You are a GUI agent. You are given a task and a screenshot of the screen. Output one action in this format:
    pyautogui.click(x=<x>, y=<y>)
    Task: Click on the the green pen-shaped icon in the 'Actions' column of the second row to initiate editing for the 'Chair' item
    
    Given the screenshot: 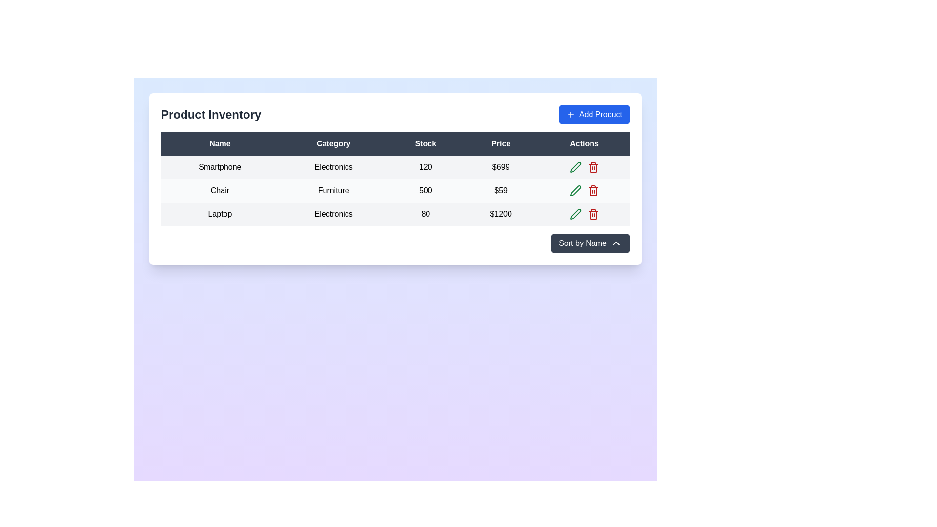 What is the action you would take?
    pyautogui.click(x=575, y=190)
    